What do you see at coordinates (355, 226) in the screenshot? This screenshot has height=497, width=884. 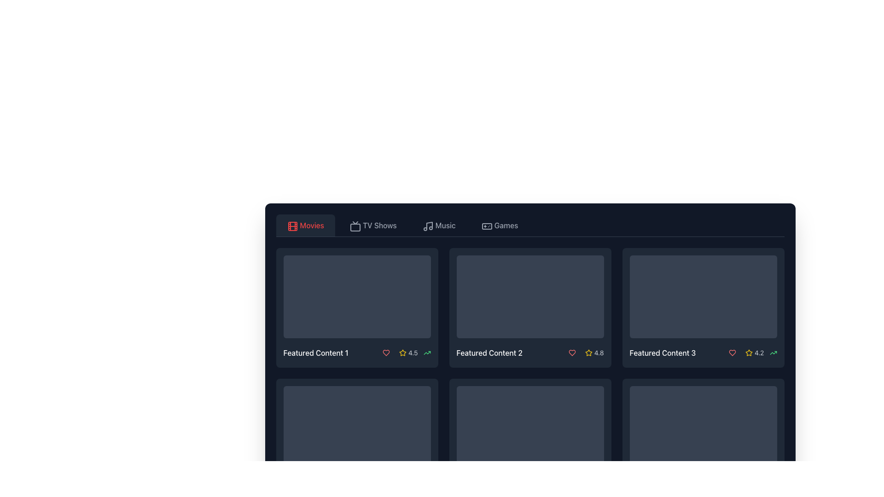 I see `the second icon from the left in the top navigation bar, which represents the TV Shows section` at bounding box center [355, 226].